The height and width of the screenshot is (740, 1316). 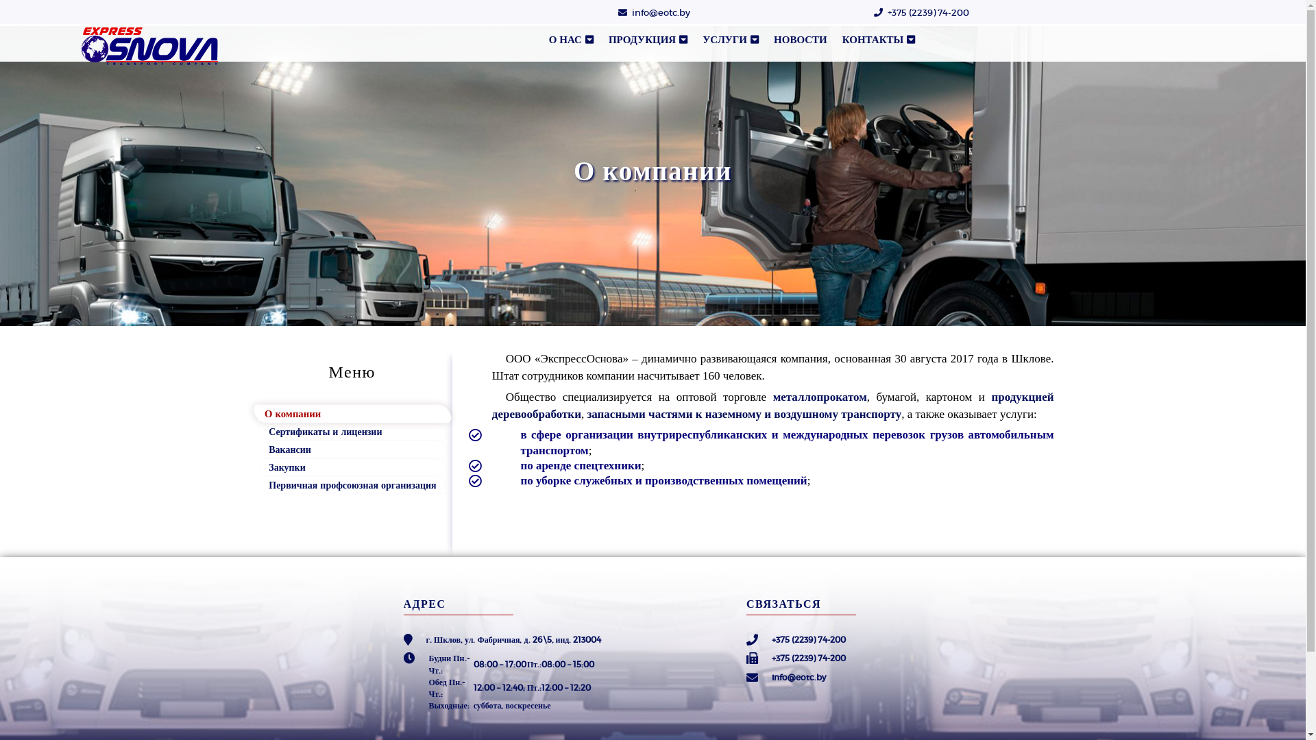 I want to click on '+375 (2239) 74-200', so click(x=809, y=639).